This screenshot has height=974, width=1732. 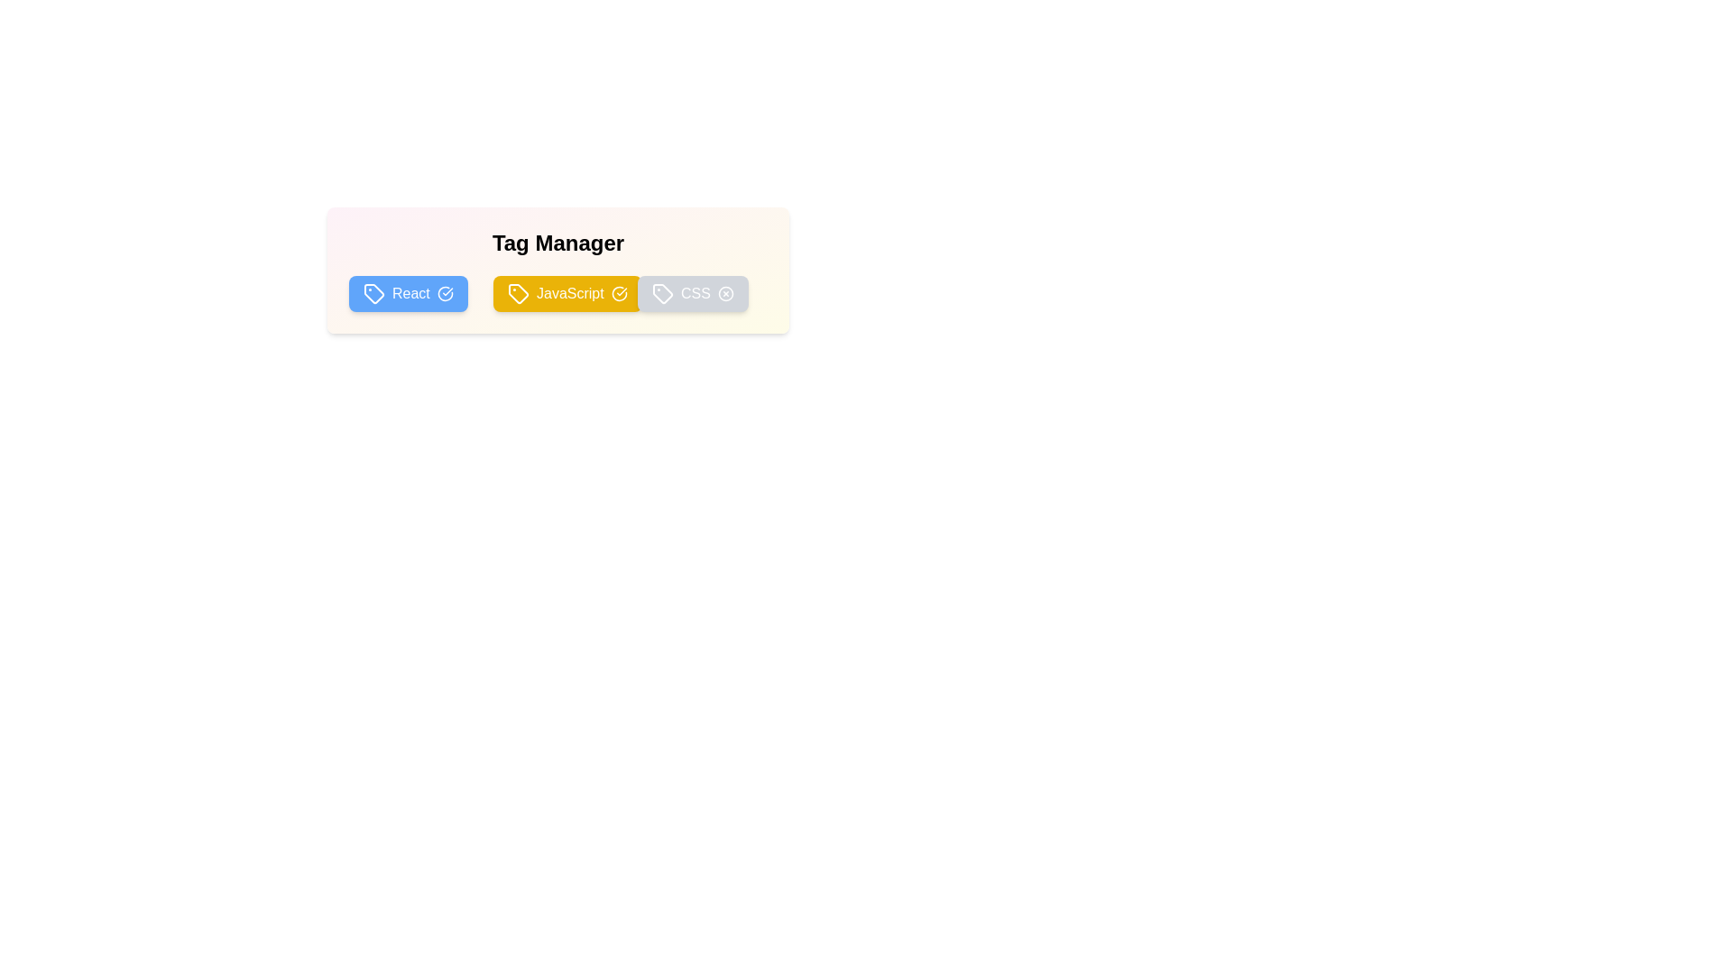 I want to click on the tag CSS, so click(x=692, y=293).